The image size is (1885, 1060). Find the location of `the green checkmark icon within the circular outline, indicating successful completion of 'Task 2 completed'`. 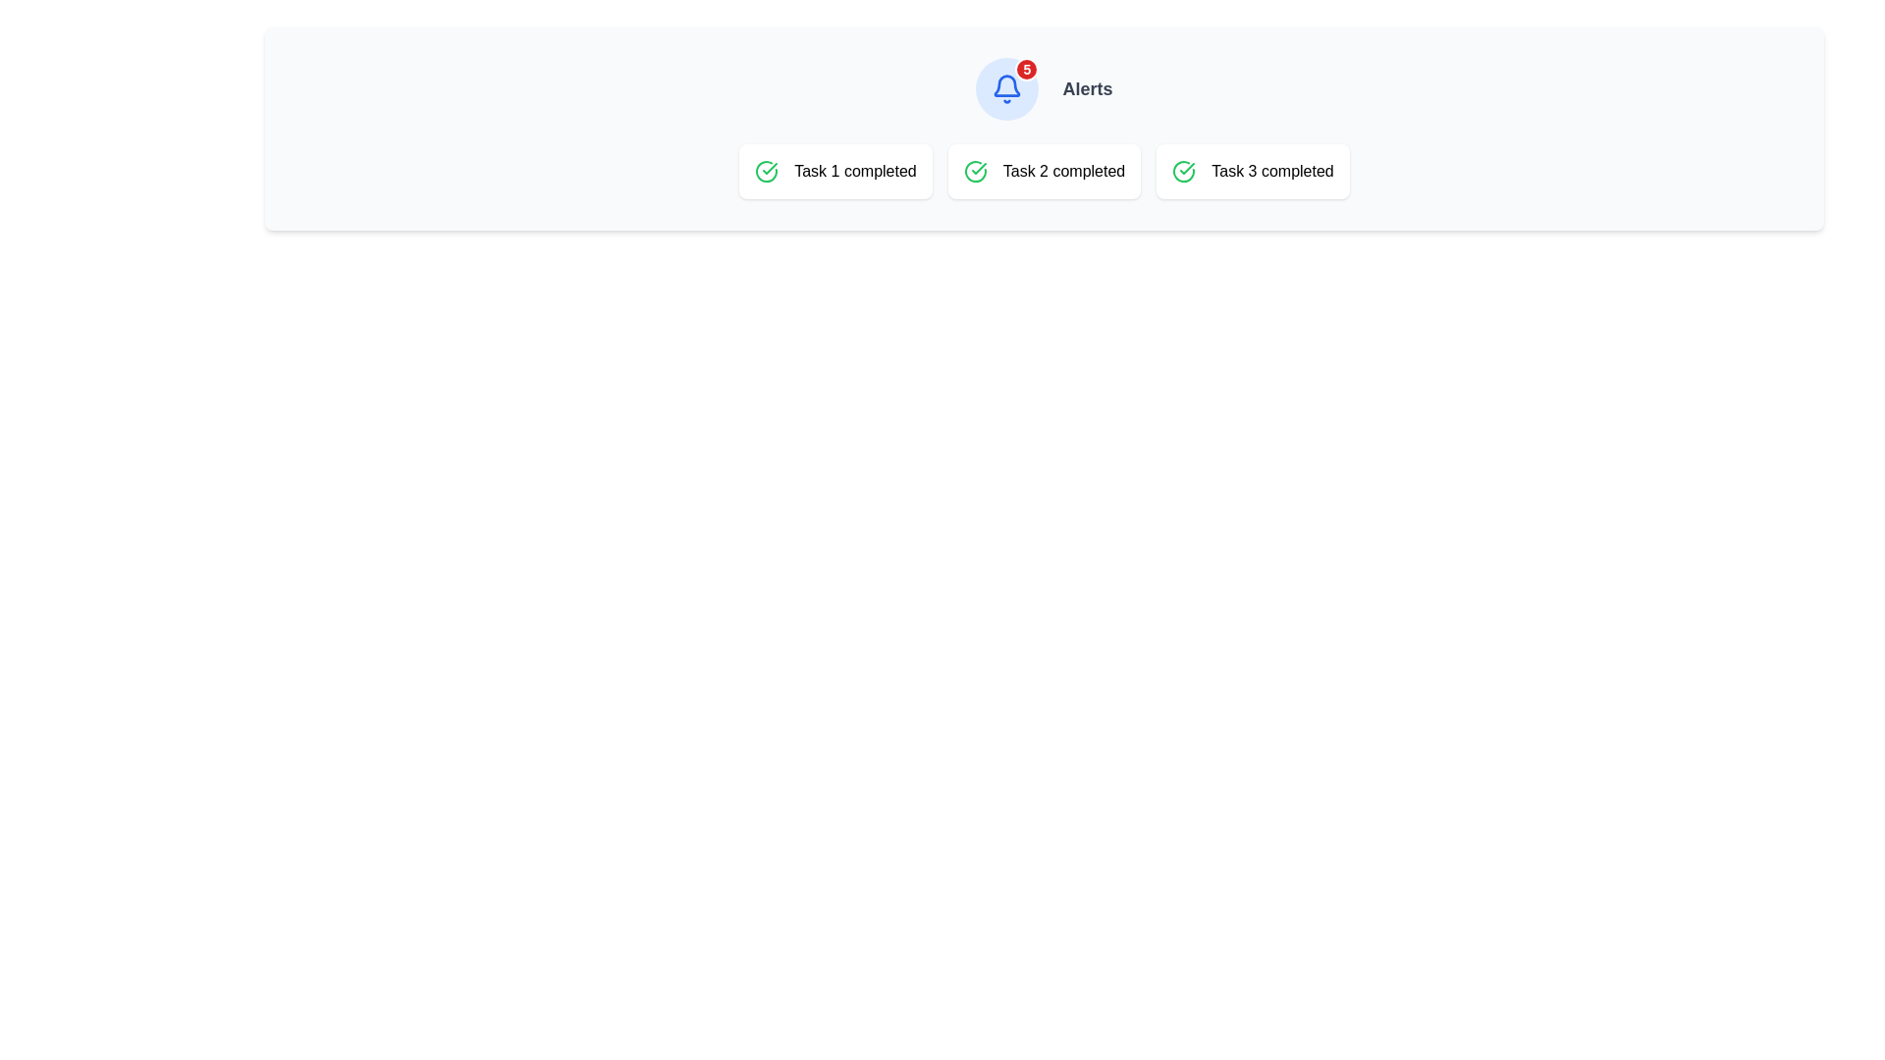

the green checkmark icon within the circular outline, indicating successful completion of 'Task 2 completed' is located at coordinates (1186, 168).